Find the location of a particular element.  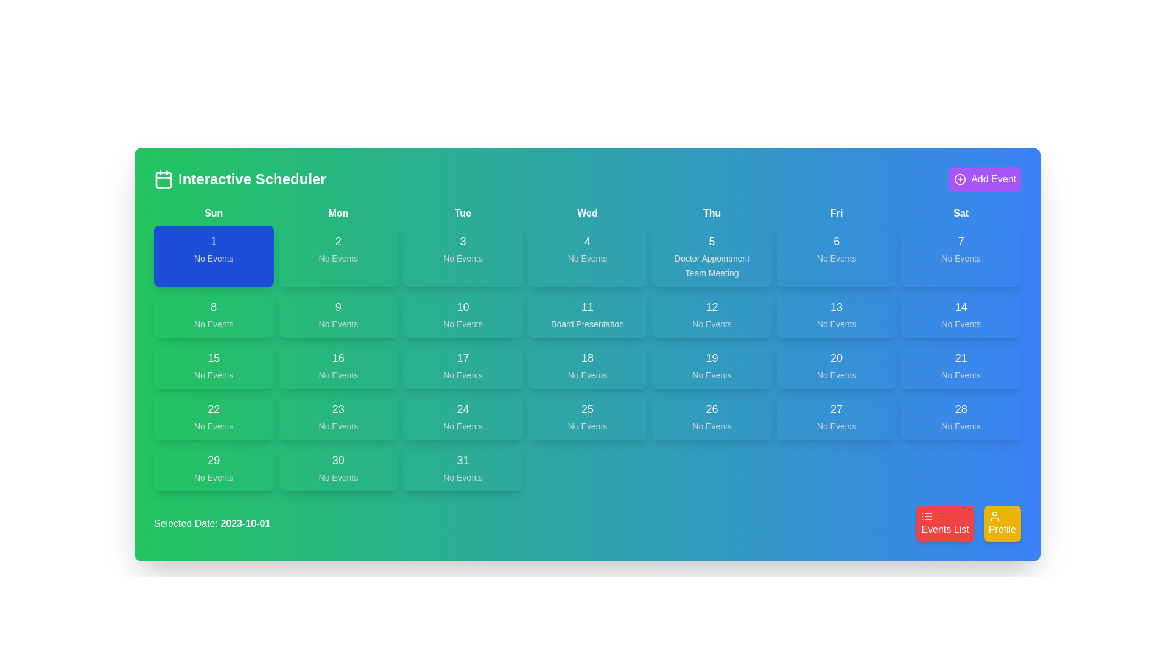

the static text label indicating no events scheduled for the date '18' in the calendar interface is located at coordinates (587, 375).